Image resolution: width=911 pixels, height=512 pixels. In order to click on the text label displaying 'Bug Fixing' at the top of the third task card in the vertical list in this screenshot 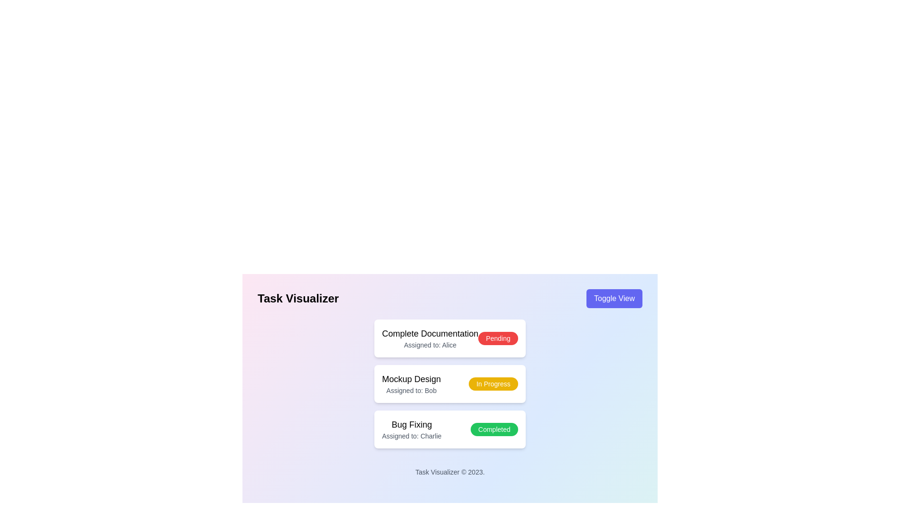, I will do `click(411, 424)`.